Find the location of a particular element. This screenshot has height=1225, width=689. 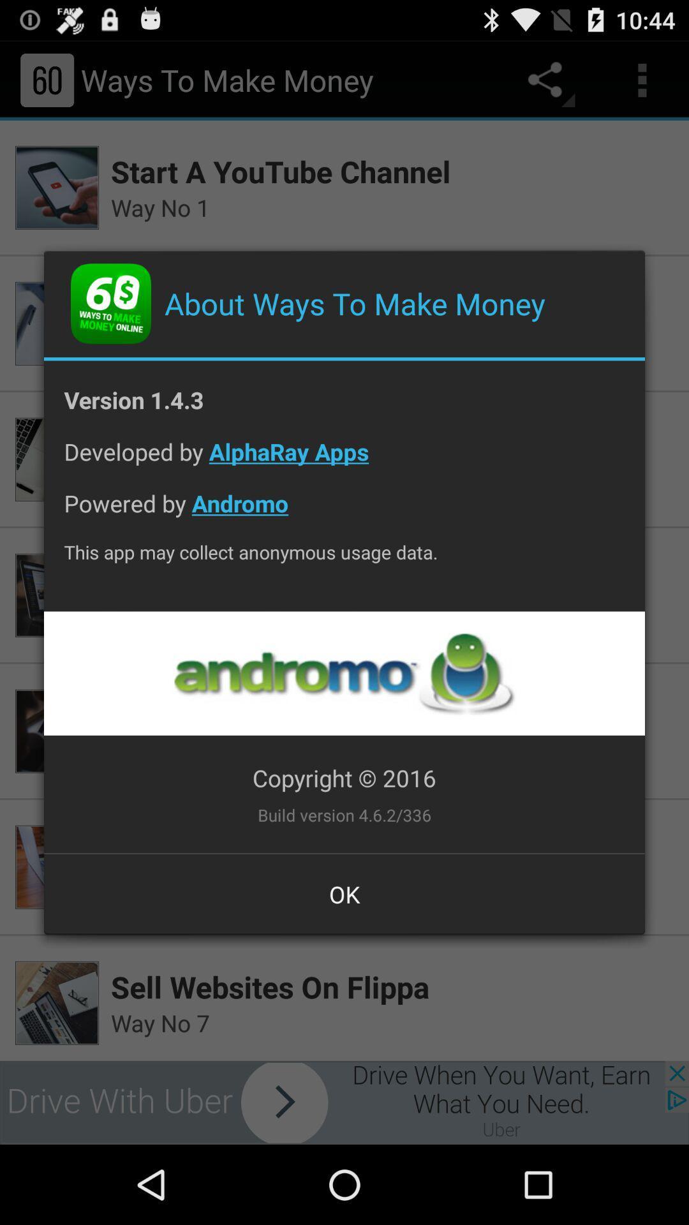

advertisement page is located at coordinates (343, 672).